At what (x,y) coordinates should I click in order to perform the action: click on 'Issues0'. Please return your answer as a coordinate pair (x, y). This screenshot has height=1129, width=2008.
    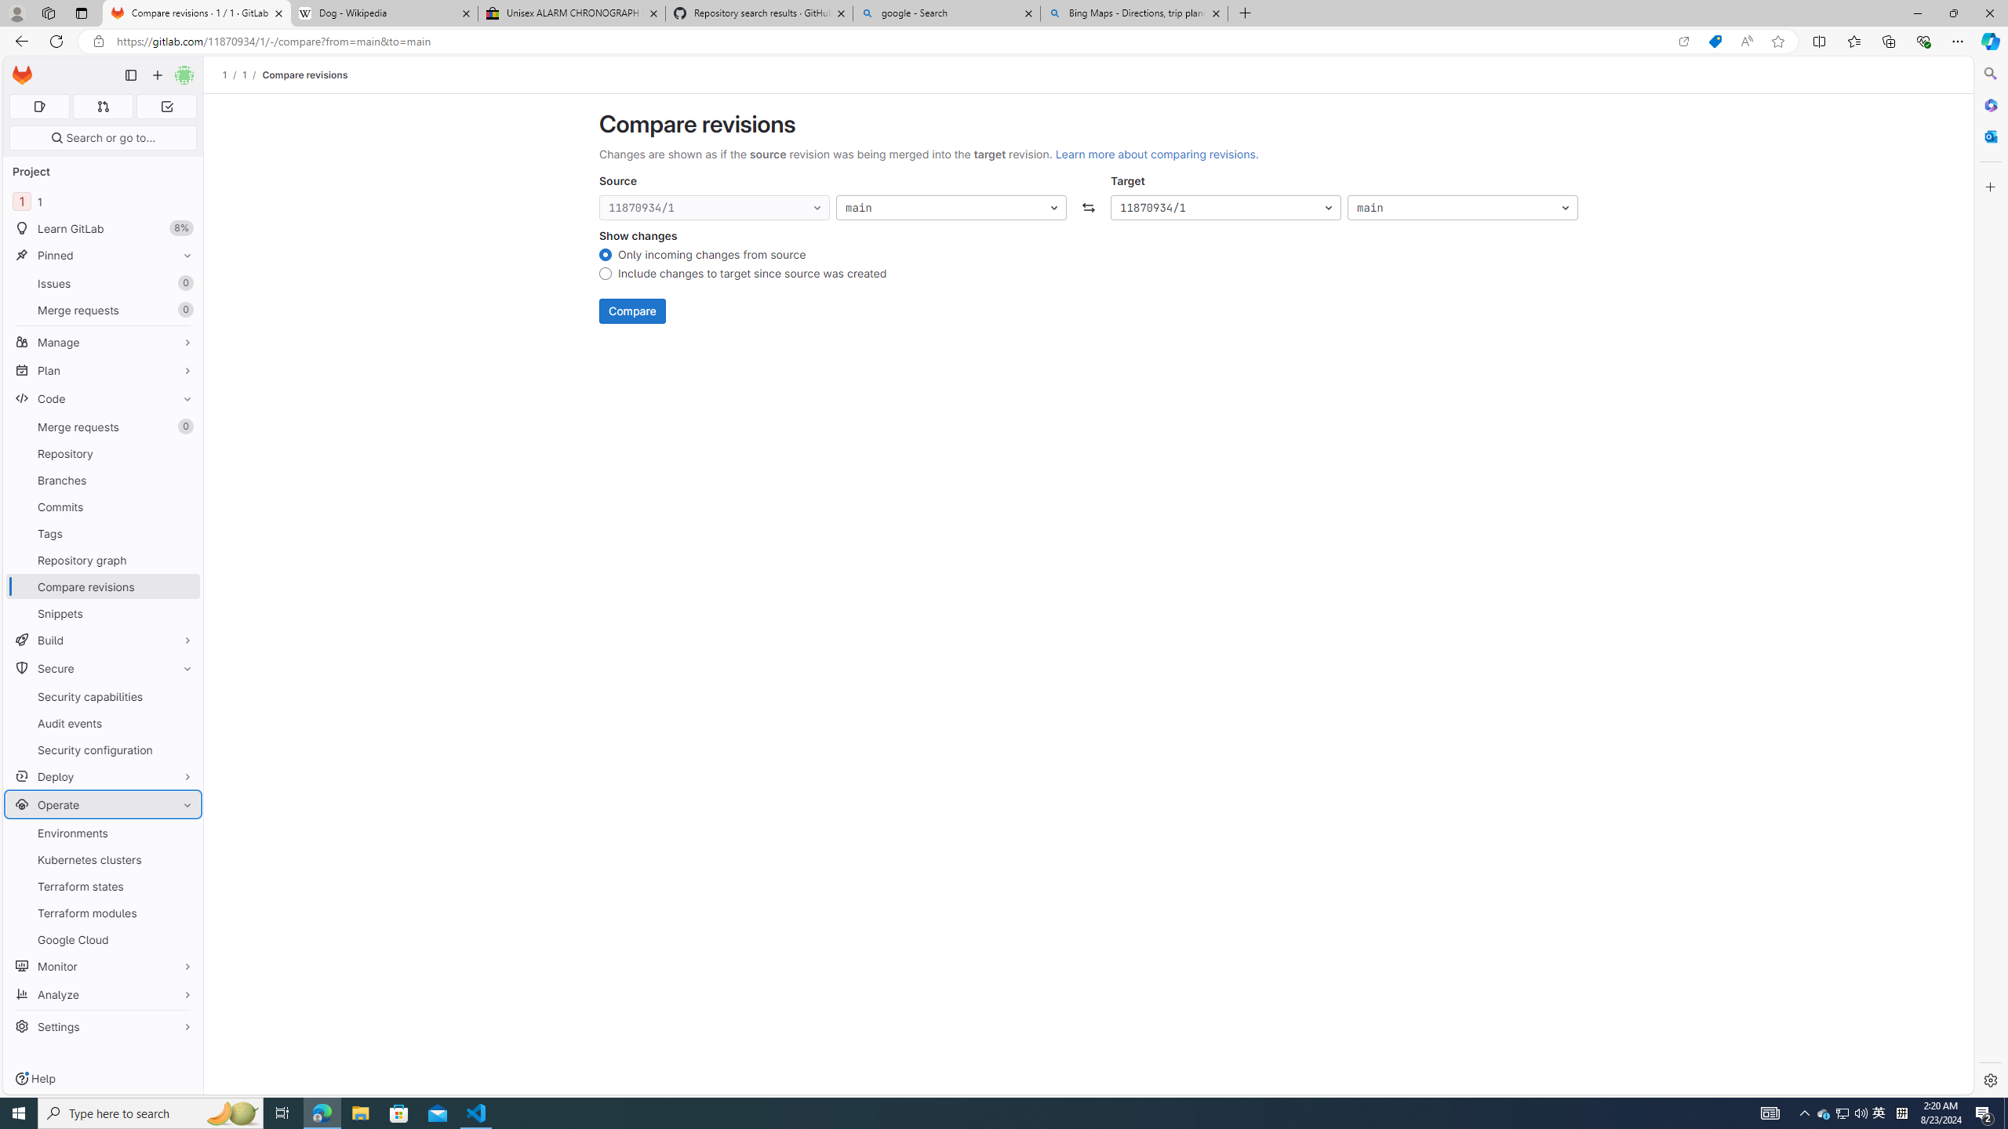
    Looking at the image, I should click on (102, 282).